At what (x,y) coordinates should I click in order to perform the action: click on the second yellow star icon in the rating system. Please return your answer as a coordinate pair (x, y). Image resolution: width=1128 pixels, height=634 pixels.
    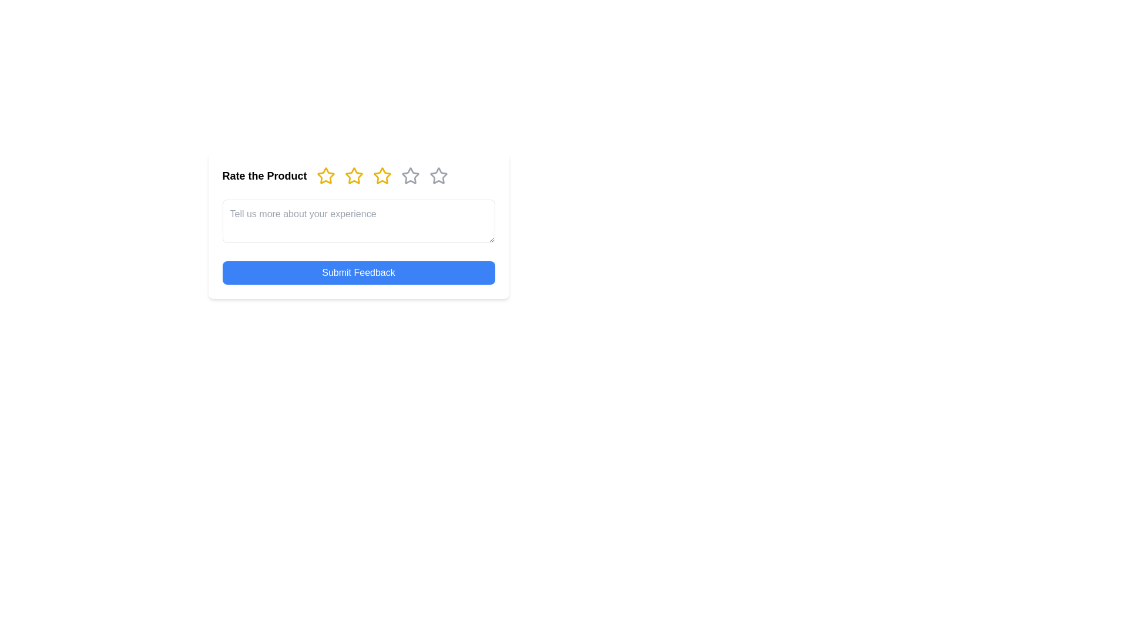
    Looking at the image, I should click on (352, 176).